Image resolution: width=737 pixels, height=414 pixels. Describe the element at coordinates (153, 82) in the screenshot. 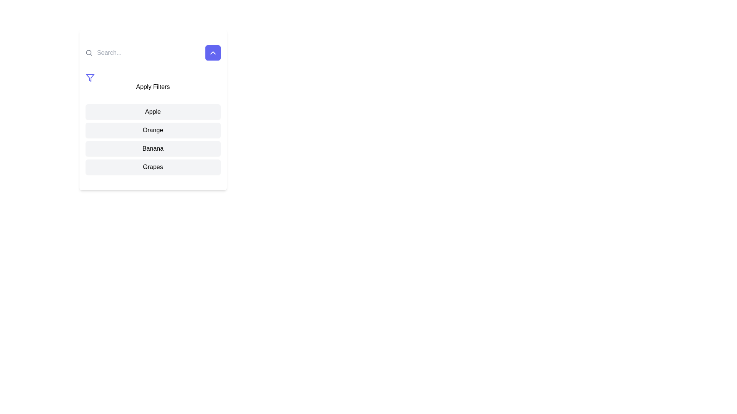

I see `the 'Apply Filters' label with accompanying filter funnel icon, which is located beneath the search bar and above the fruit buttons` at that location.